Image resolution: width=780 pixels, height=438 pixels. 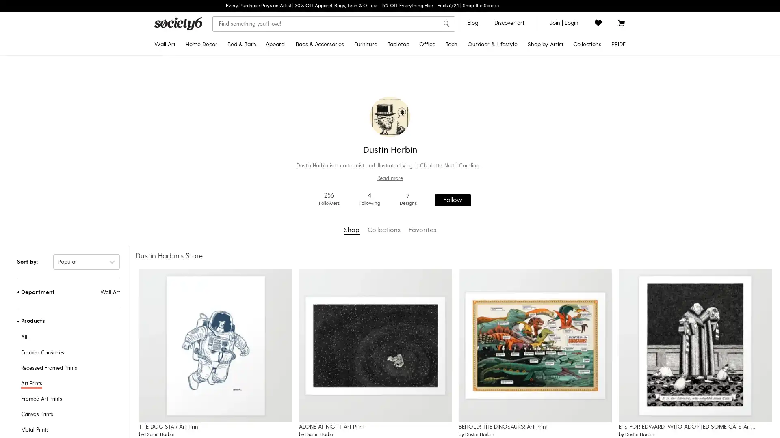 What do you see at coordinates (413, 65) in the screenshot?
I see `Coffee Mugs` at bounding box center [413, 65].